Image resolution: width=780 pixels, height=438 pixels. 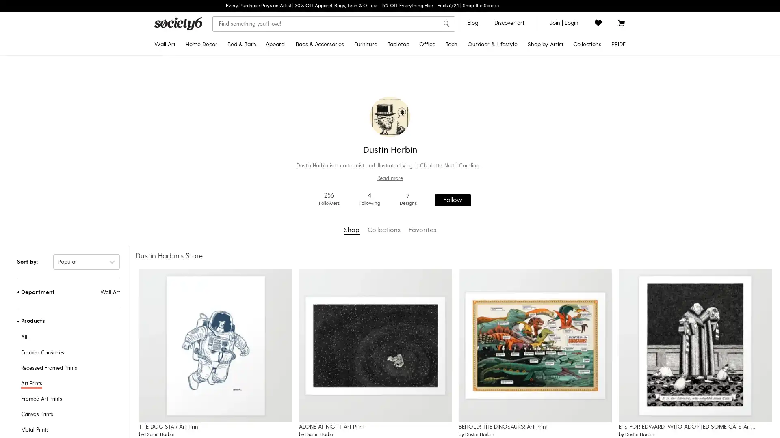 What do you see at coordinates (413, 65) in the screenshot?
I see `Coffee Mugs` at bounding box center [413, 65].